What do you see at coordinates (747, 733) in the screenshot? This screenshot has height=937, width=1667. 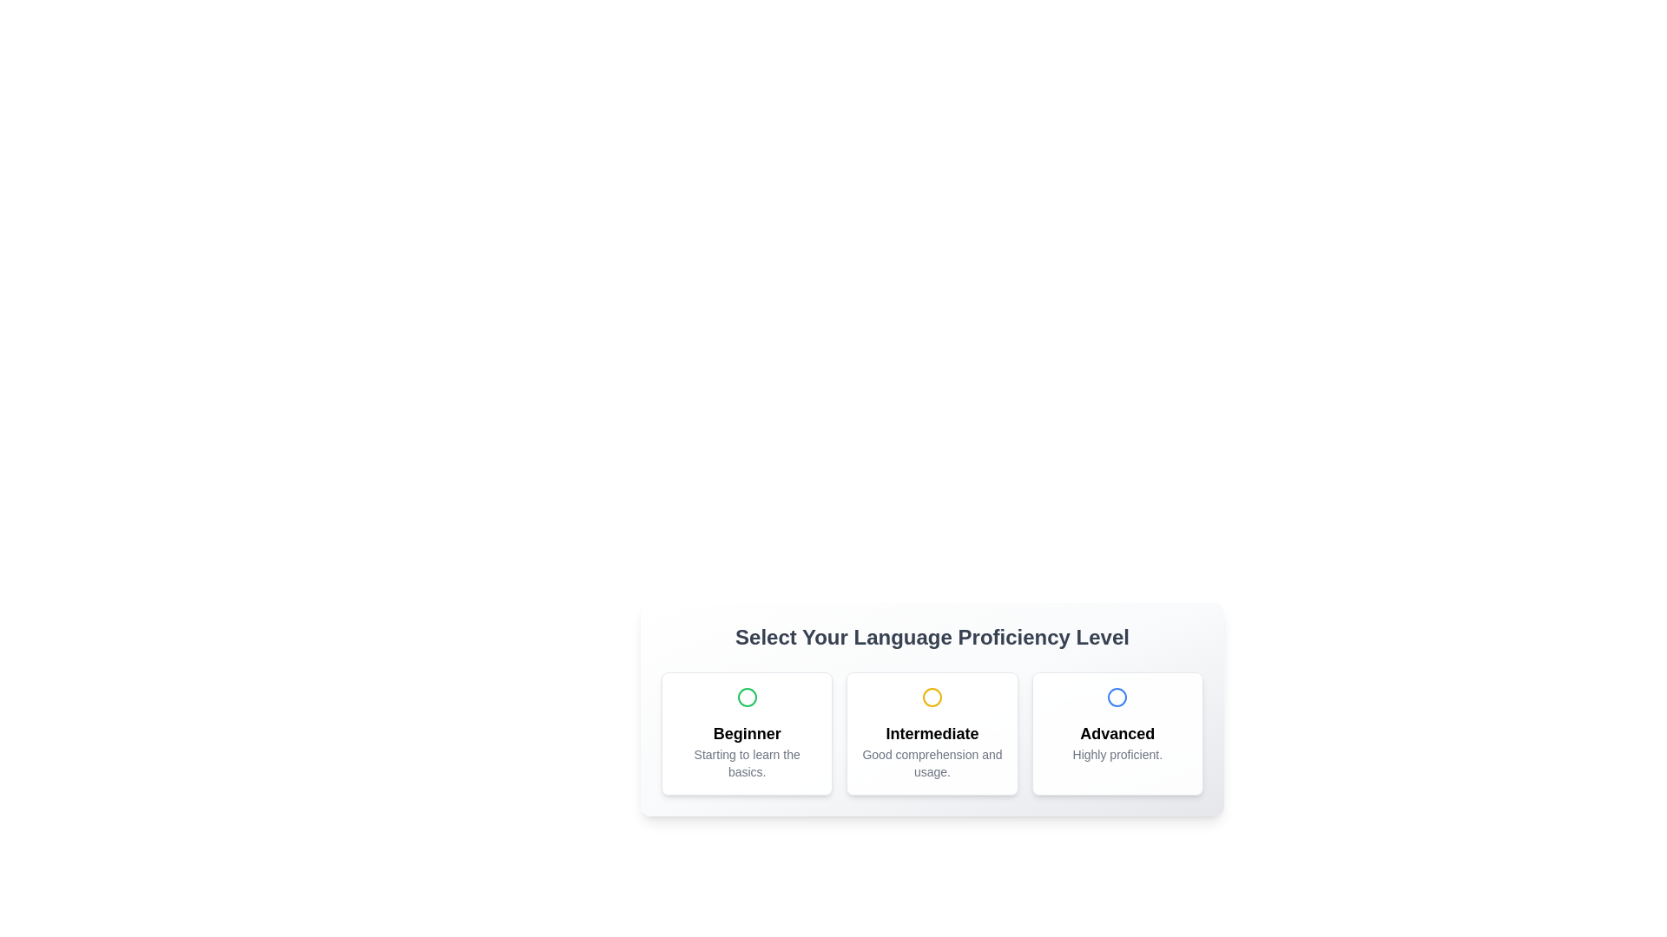 I see `the 'Beginner' text label, which is the heading within the first card of three horizontally aligned cards, located below a green circle icon and above the descriptive text` at bounding box center [747, 733].